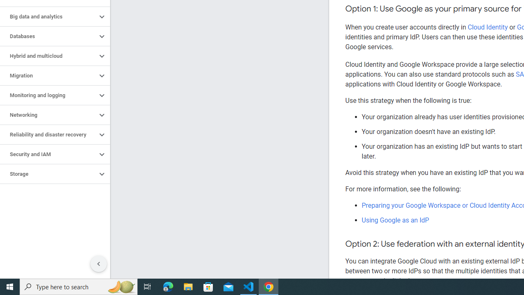 The height and width of the screenshot is (295, 524). I want to click on 'Security and IAM', so click(48, 154).